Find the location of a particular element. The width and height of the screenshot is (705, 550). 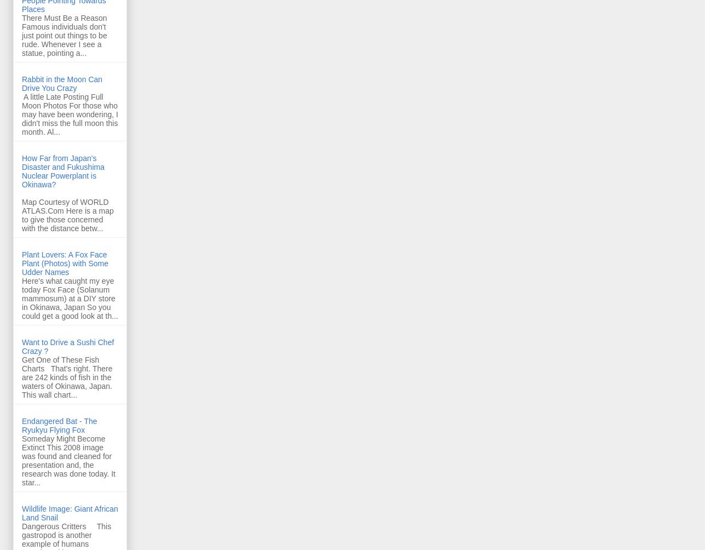

'Want to Drive a Sushi Chef Crazy ?' is located at coordinates (68, 346).